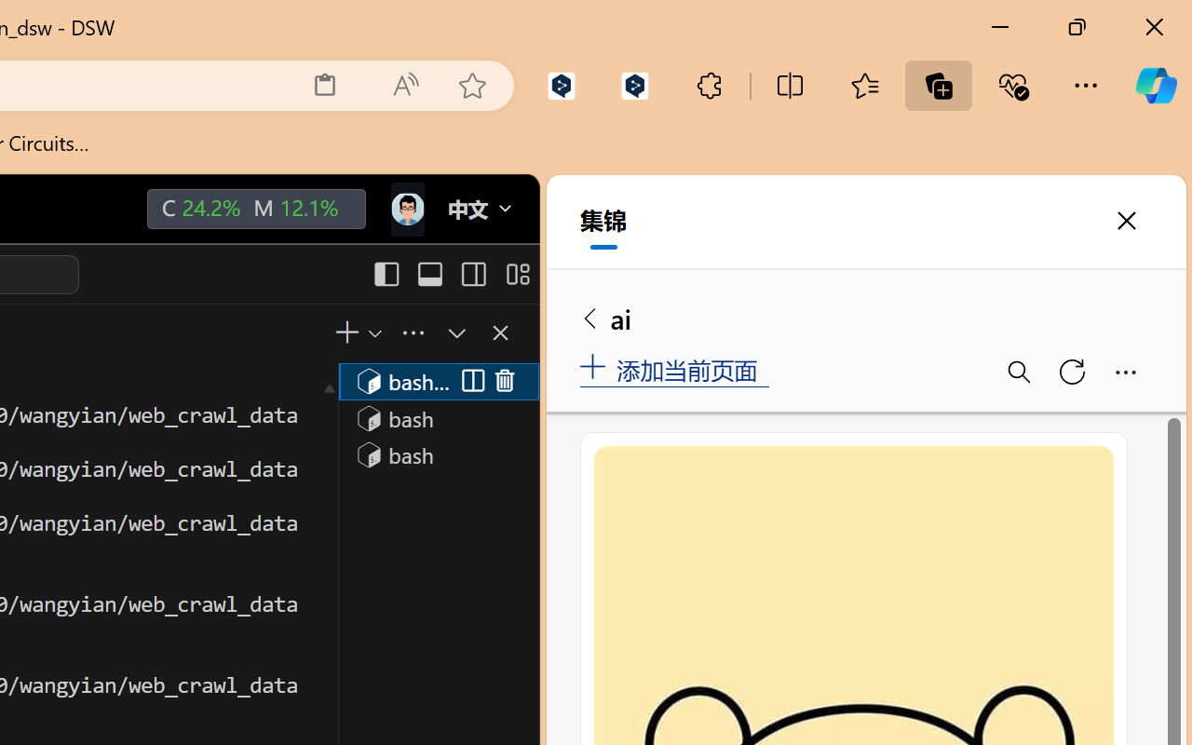 This screenshot has width=1192, height=745. What do you see at coordinates (1155, 85) in the screenshot?
I see `'Copilot (Ctrl+Shift+.)'` at bounding box center [1155, 85].